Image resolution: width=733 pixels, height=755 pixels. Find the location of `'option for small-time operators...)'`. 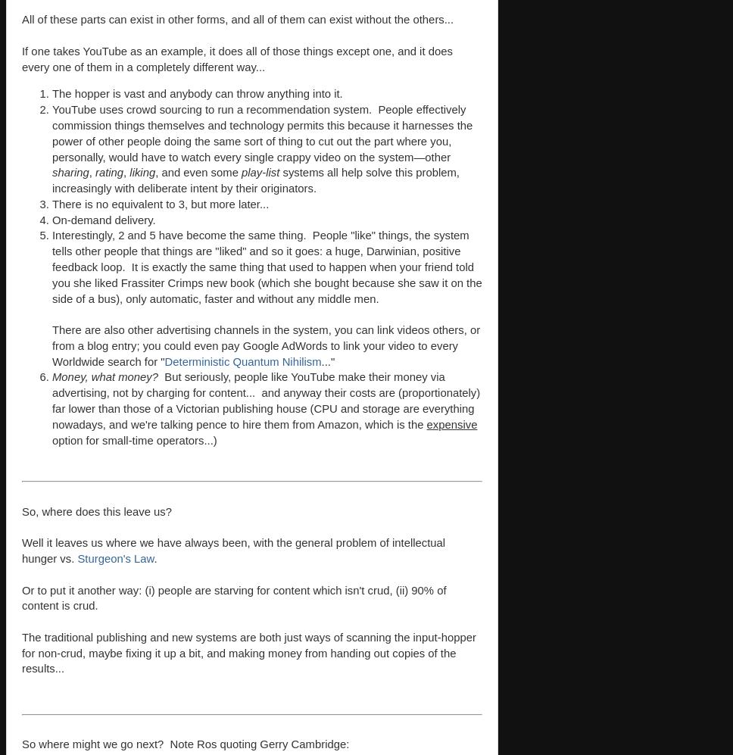

'option for small-time operators...)' is located at coordinates (134, 439).